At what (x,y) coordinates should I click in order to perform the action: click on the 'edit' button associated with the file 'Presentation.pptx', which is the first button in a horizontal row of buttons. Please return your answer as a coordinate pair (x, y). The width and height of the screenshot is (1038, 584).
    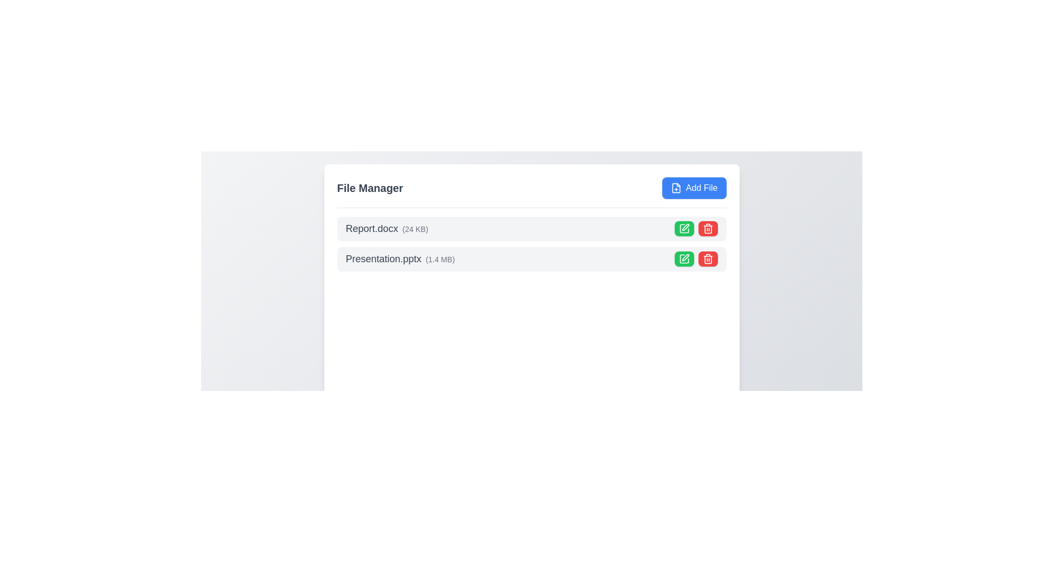
    Looking at the image, I should click on (683, 258).